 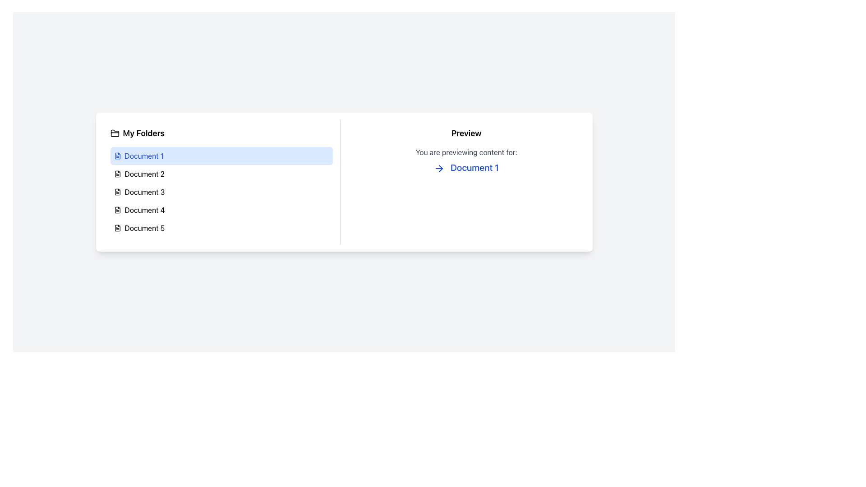 What do you see at coordinates (466, 152) in the screenshot?
I see `the contextual information text element located below the 'Preview' label and above the 'Document 1' link in the right side of the split interface` at bounding box center [466, 152].